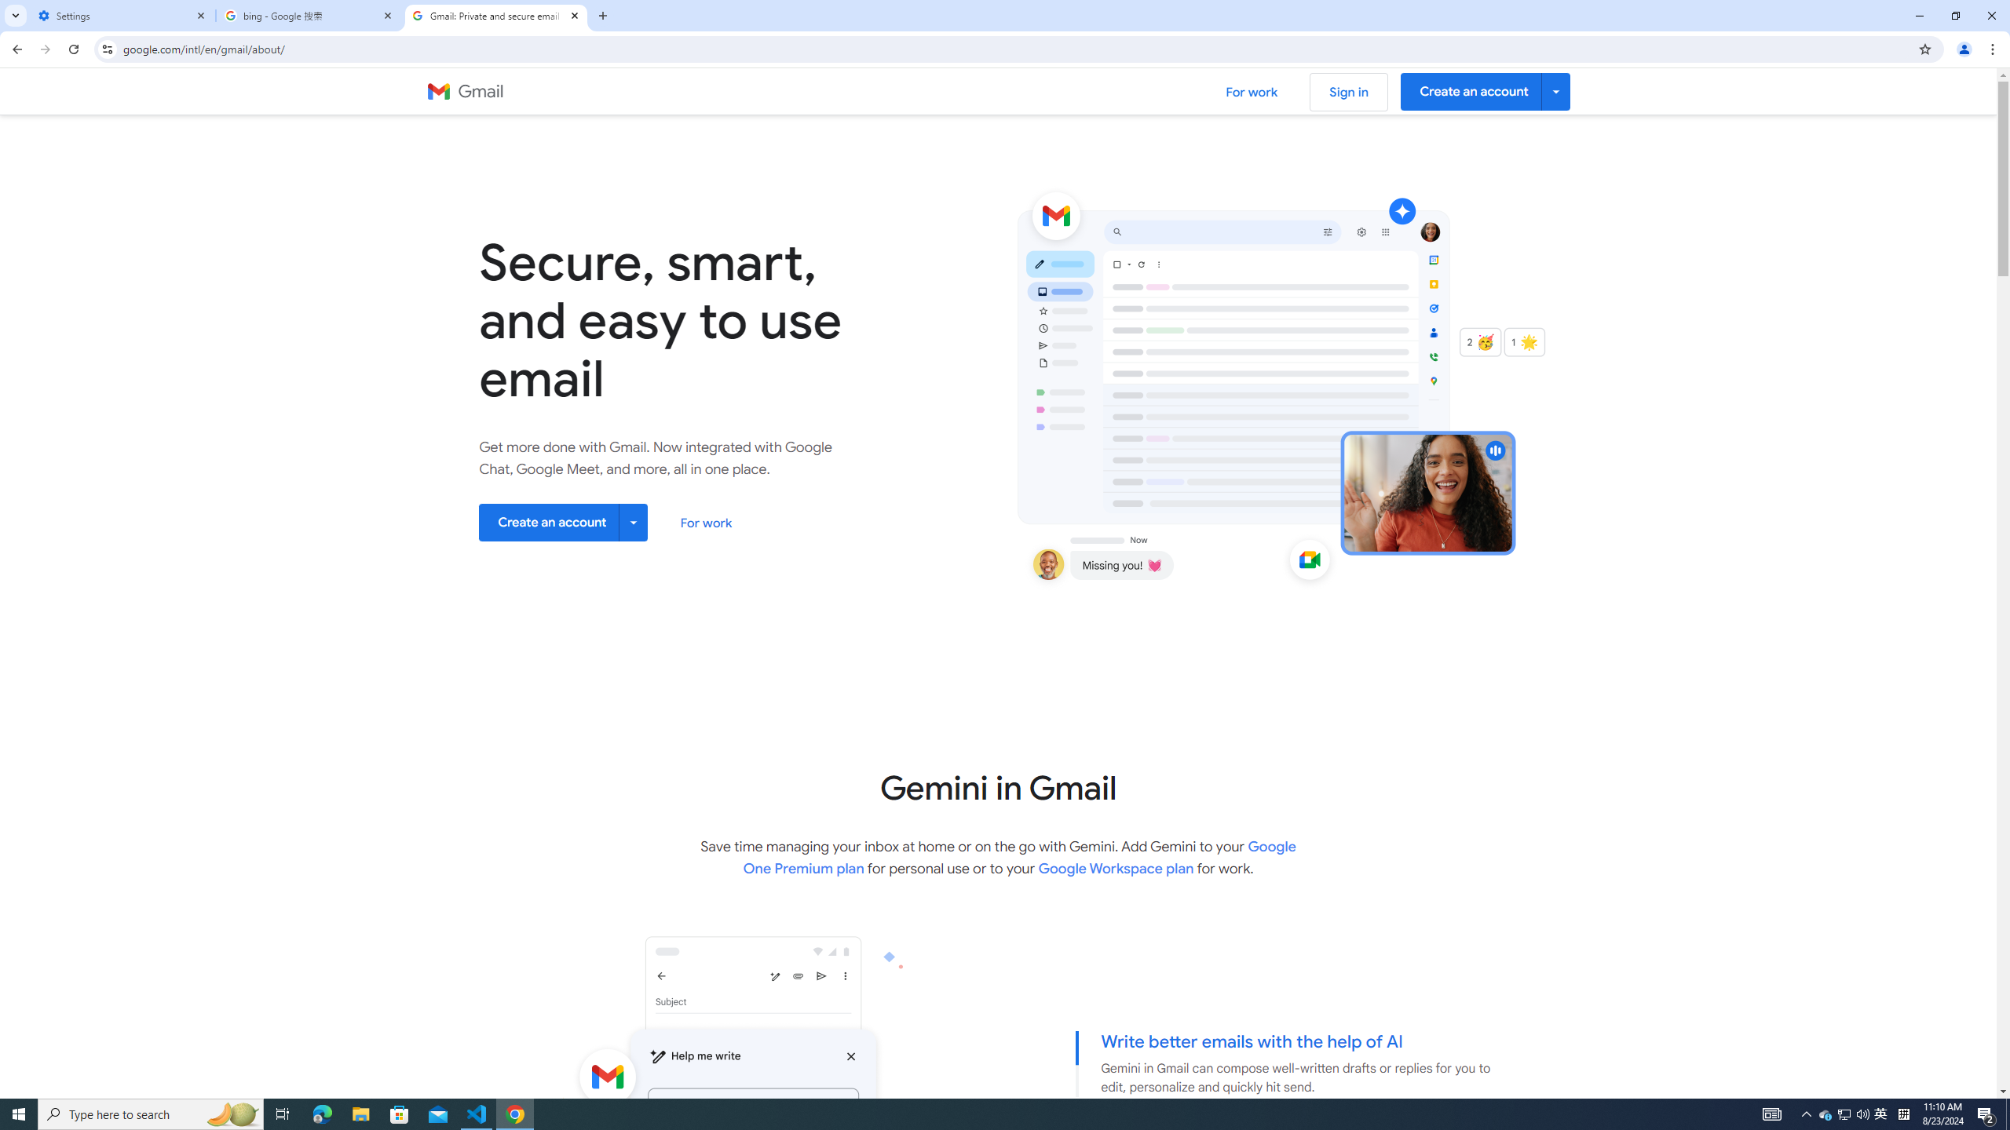 This screenshot has width=2010, height=1130. I want to click on 'Google One Premium plan', so click(1020, 856).